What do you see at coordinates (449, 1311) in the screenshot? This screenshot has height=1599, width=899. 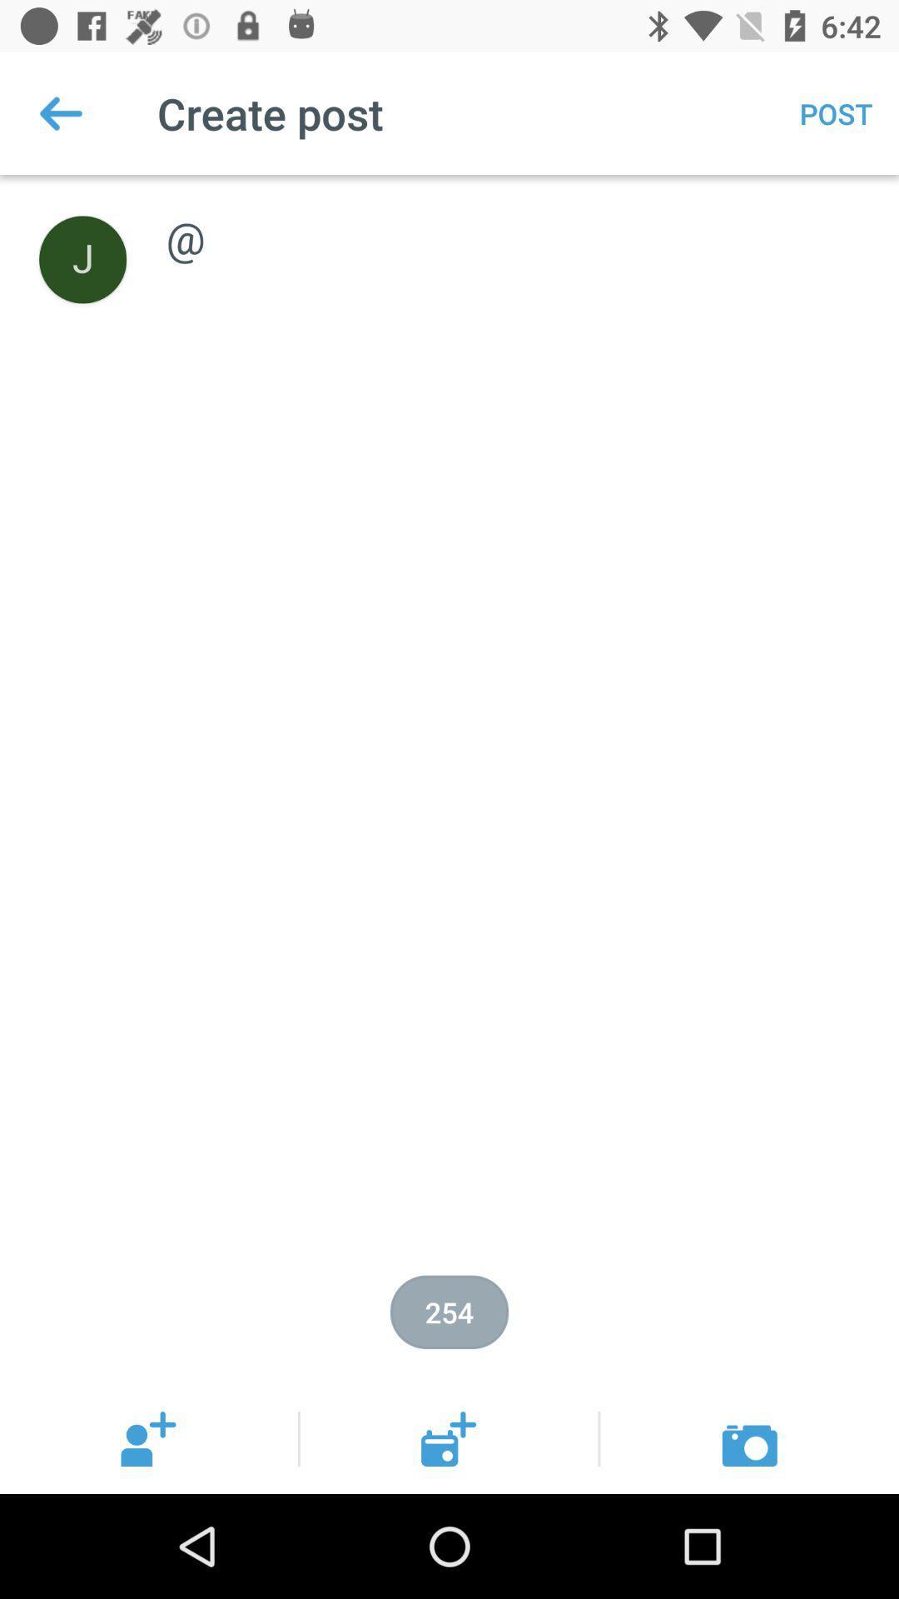 I see `254 icon` at bounding box center [449, 1311].